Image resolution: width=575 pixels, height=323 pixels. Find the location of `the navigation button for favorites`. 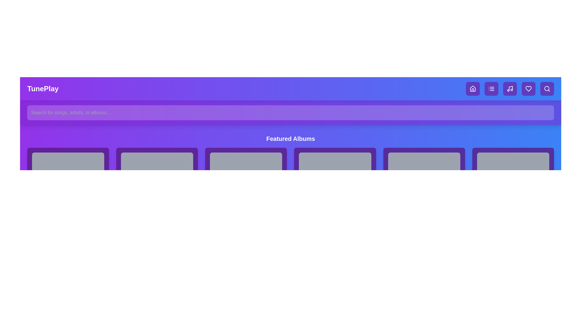

the navigation button for favorites is located at coordinates (529, 89).